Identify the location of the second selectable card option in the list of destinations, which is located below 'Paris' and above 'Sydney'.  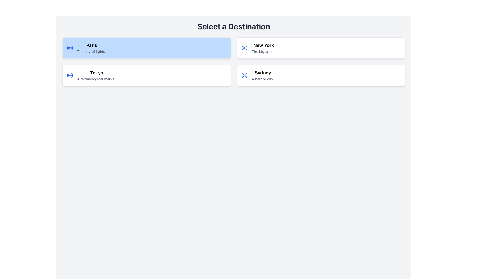
(146, 75).